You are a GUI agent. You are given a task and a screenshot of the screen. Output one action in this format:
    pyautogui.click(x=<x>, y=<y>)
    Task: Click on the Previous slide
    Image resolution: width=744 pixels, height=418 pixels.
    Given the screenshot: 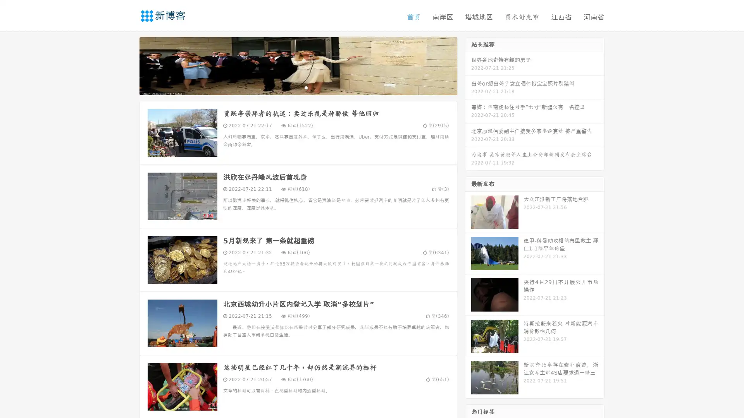 What is the action you would take?
    pyautogui.click(x=128, y=65)
    